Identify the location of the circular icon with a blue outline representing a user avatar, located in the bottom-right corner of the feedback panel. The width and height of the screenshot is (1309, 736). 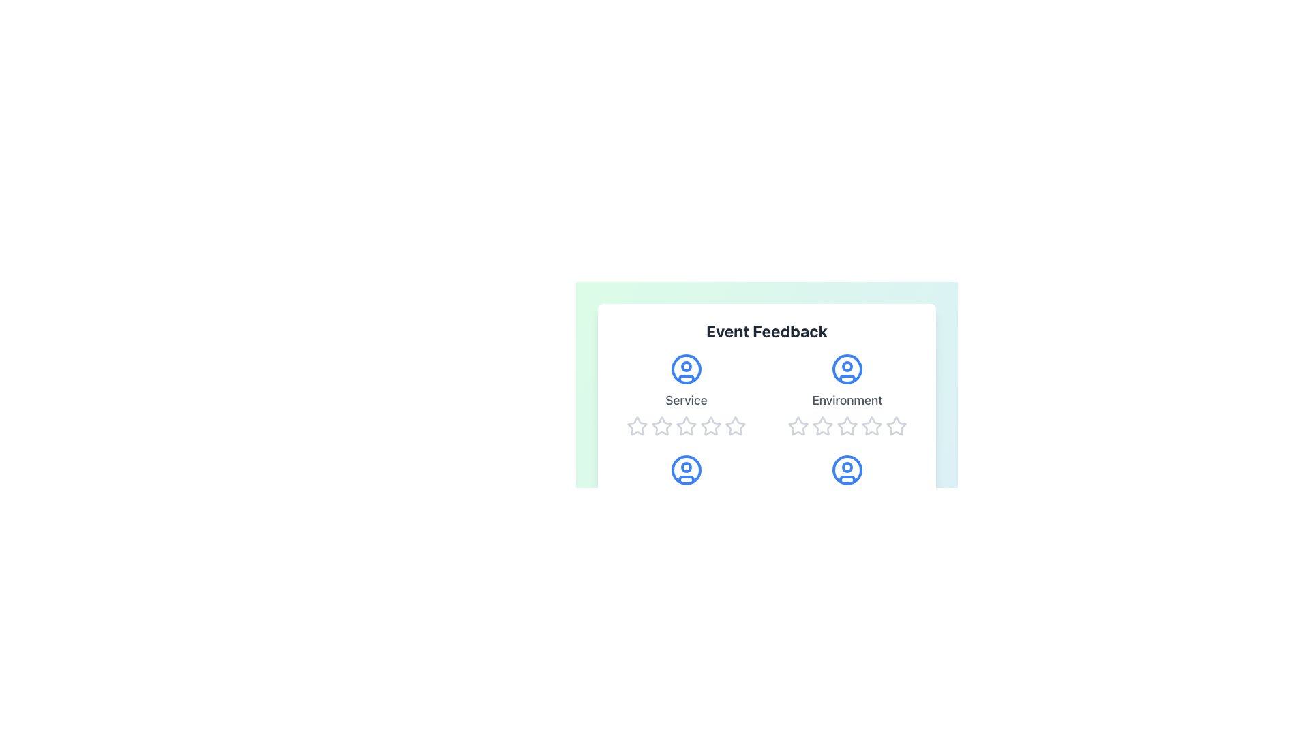
(847, 470).